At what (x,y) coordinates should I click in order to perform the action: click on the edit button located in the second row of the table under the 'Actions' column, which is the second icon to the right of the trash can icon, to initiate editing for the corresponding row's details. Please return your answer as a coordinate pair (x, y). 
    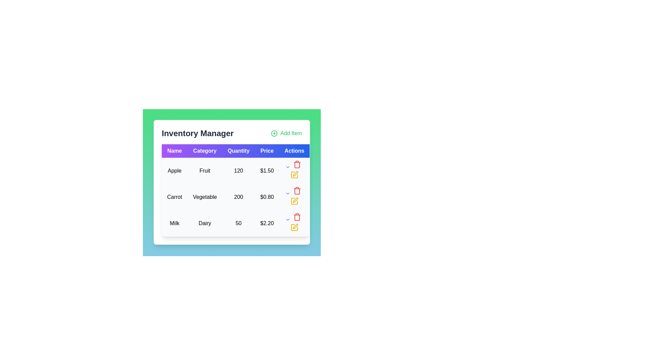
    Looking at the image, I should click on (294, 201).